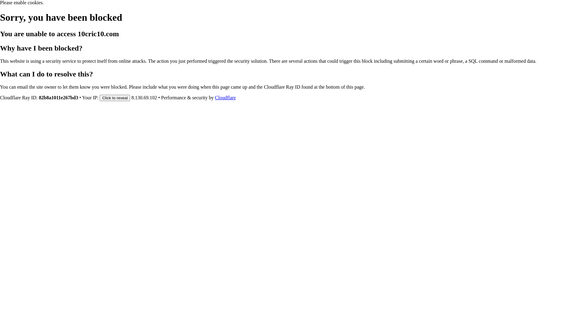 This screenshot has width=585, height=329. What do you see at coordinates (115, 97) in the screenshot?
I see `'Click to reveal'` at bounding box center [115, 97].